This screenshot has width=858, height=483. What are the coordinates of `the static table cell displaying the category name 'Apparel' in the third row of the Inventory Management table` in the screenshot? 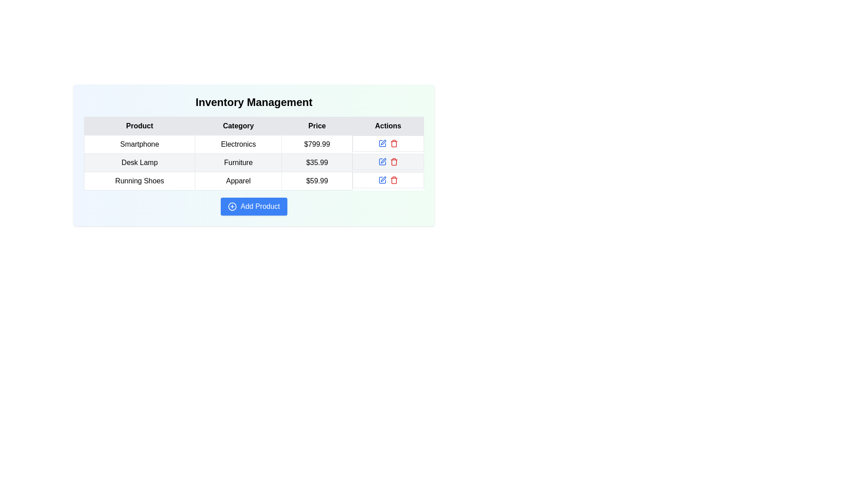 It's located at (238, 181).